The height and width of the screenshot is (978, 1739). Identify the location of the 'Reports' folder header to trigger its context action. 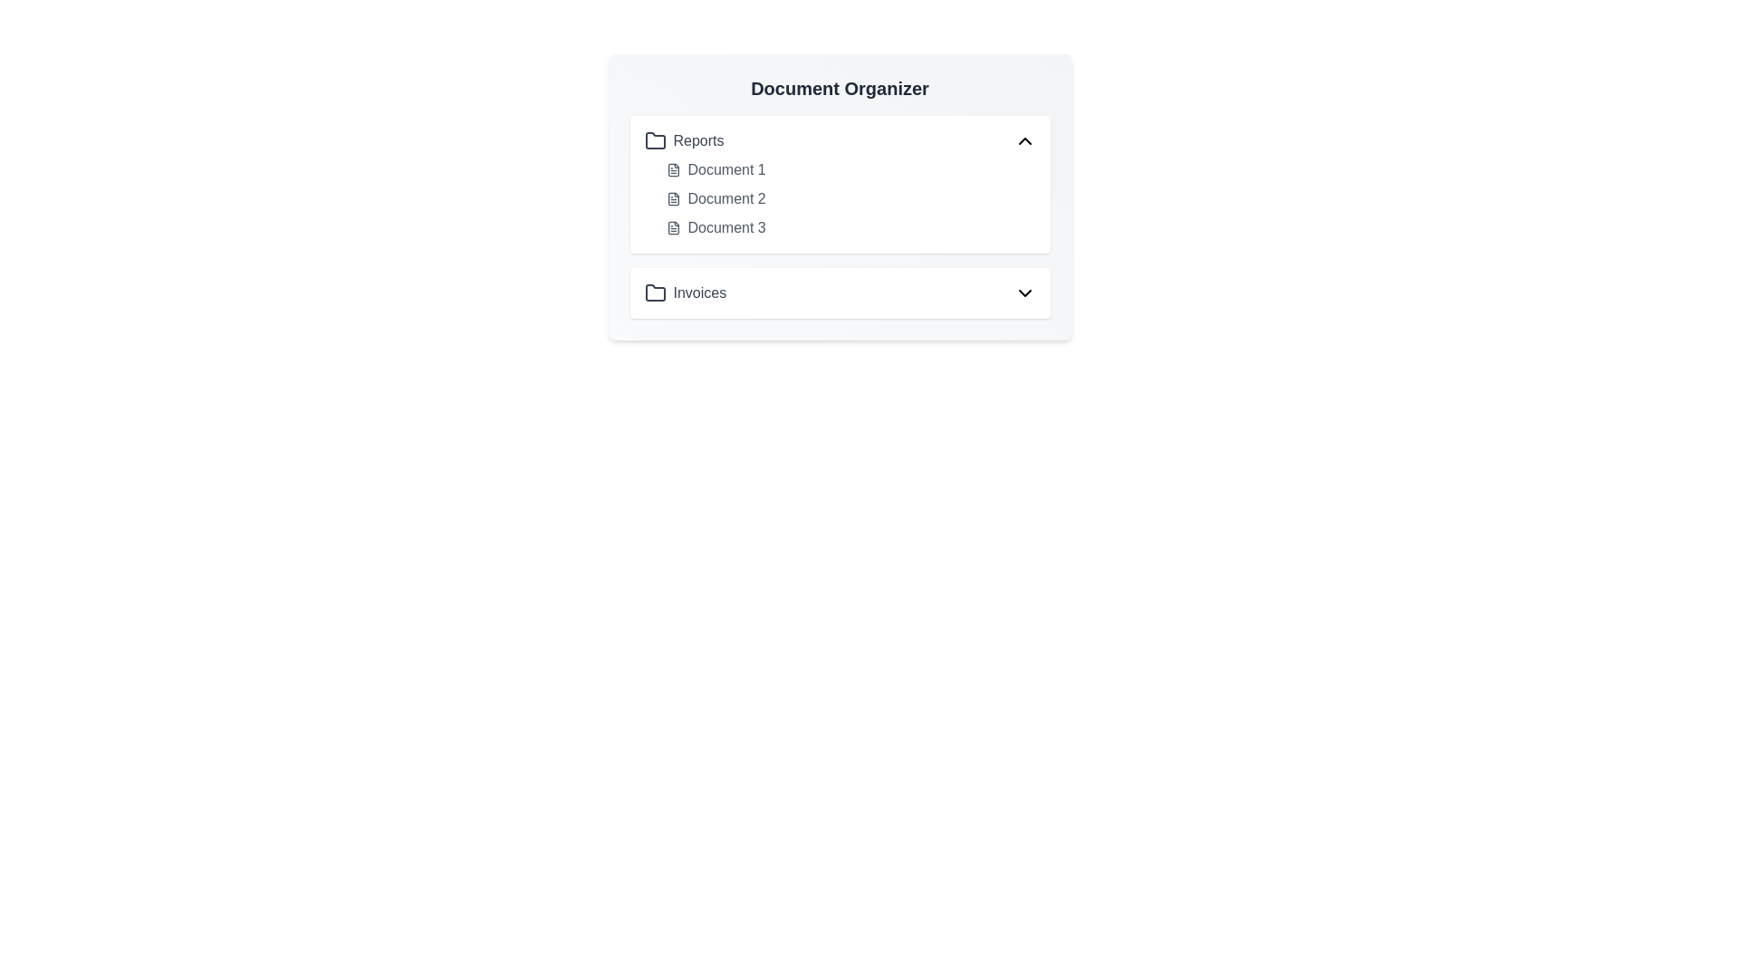
(839, 139).